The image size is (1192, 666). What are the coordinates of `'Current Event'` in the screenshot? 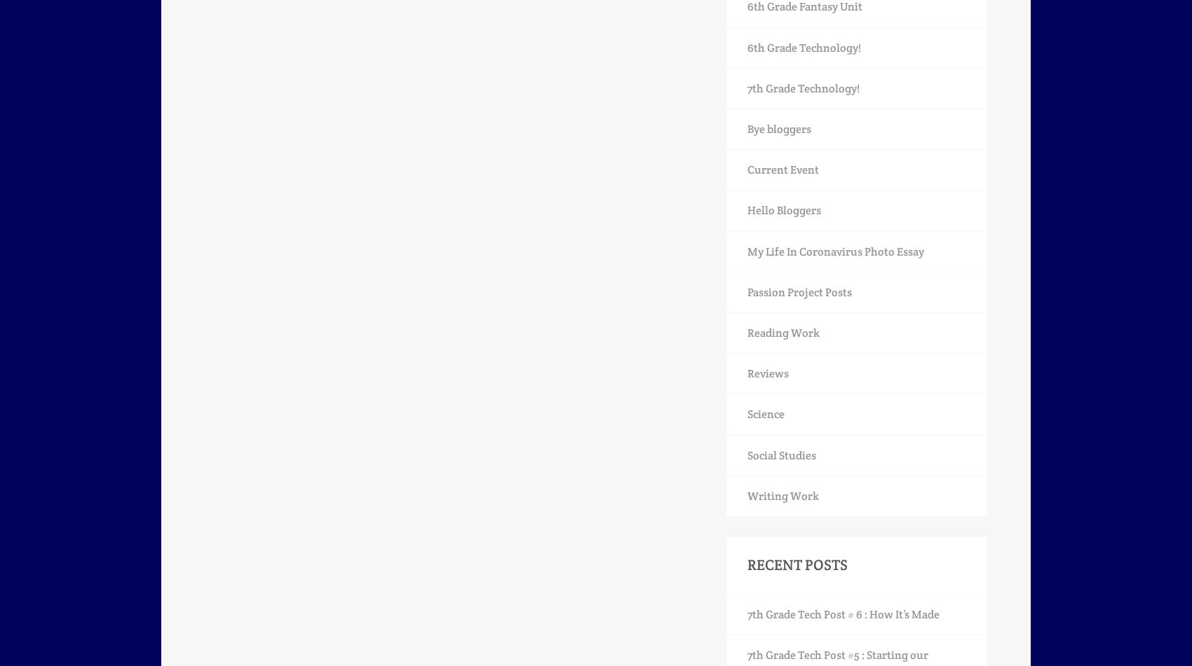 It's located at (783, 169).